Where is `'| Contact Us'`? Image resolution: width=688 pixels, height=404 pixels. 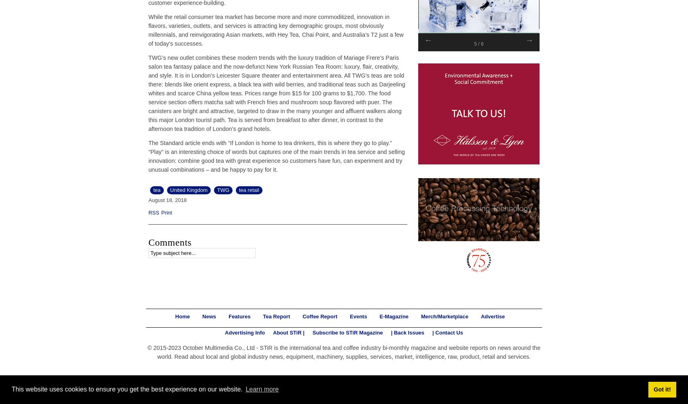
'| Contact Us' is located at coordinates (432, 332).